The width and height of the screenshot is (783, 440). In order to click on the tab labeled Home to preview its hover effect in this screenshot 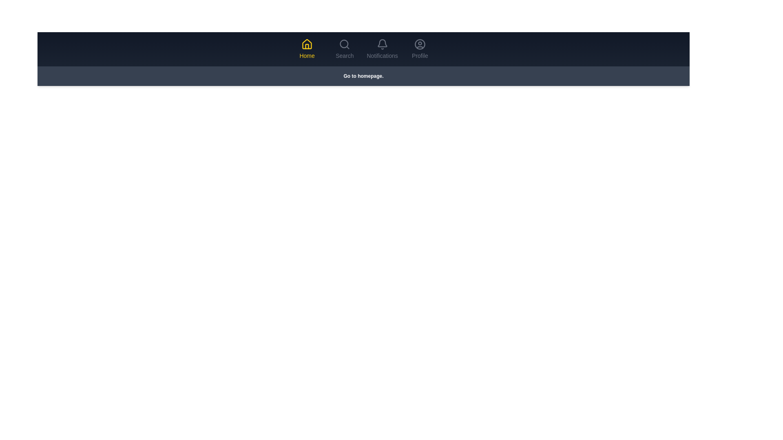, I will do `click(307, 49)`.